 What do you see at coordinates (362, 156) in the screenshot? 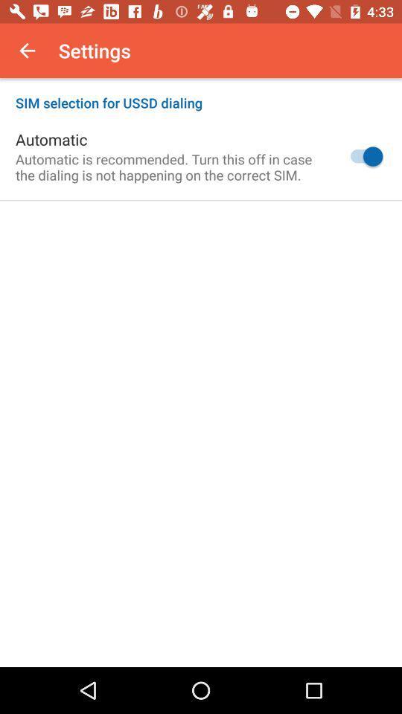
I see `the icon below the sim selection for item` at bounding box center [362, 156].